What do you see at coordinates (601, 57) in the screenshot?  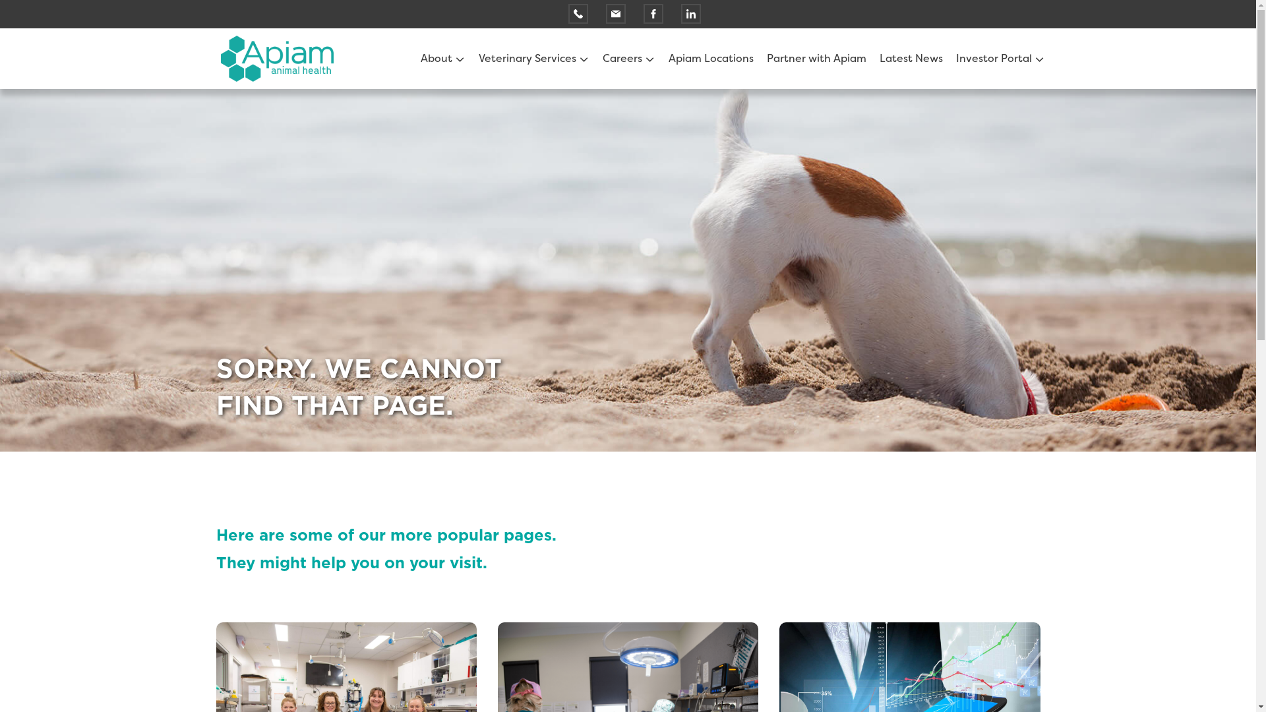 I see `'Careers'` at bounding box center [601, 57].